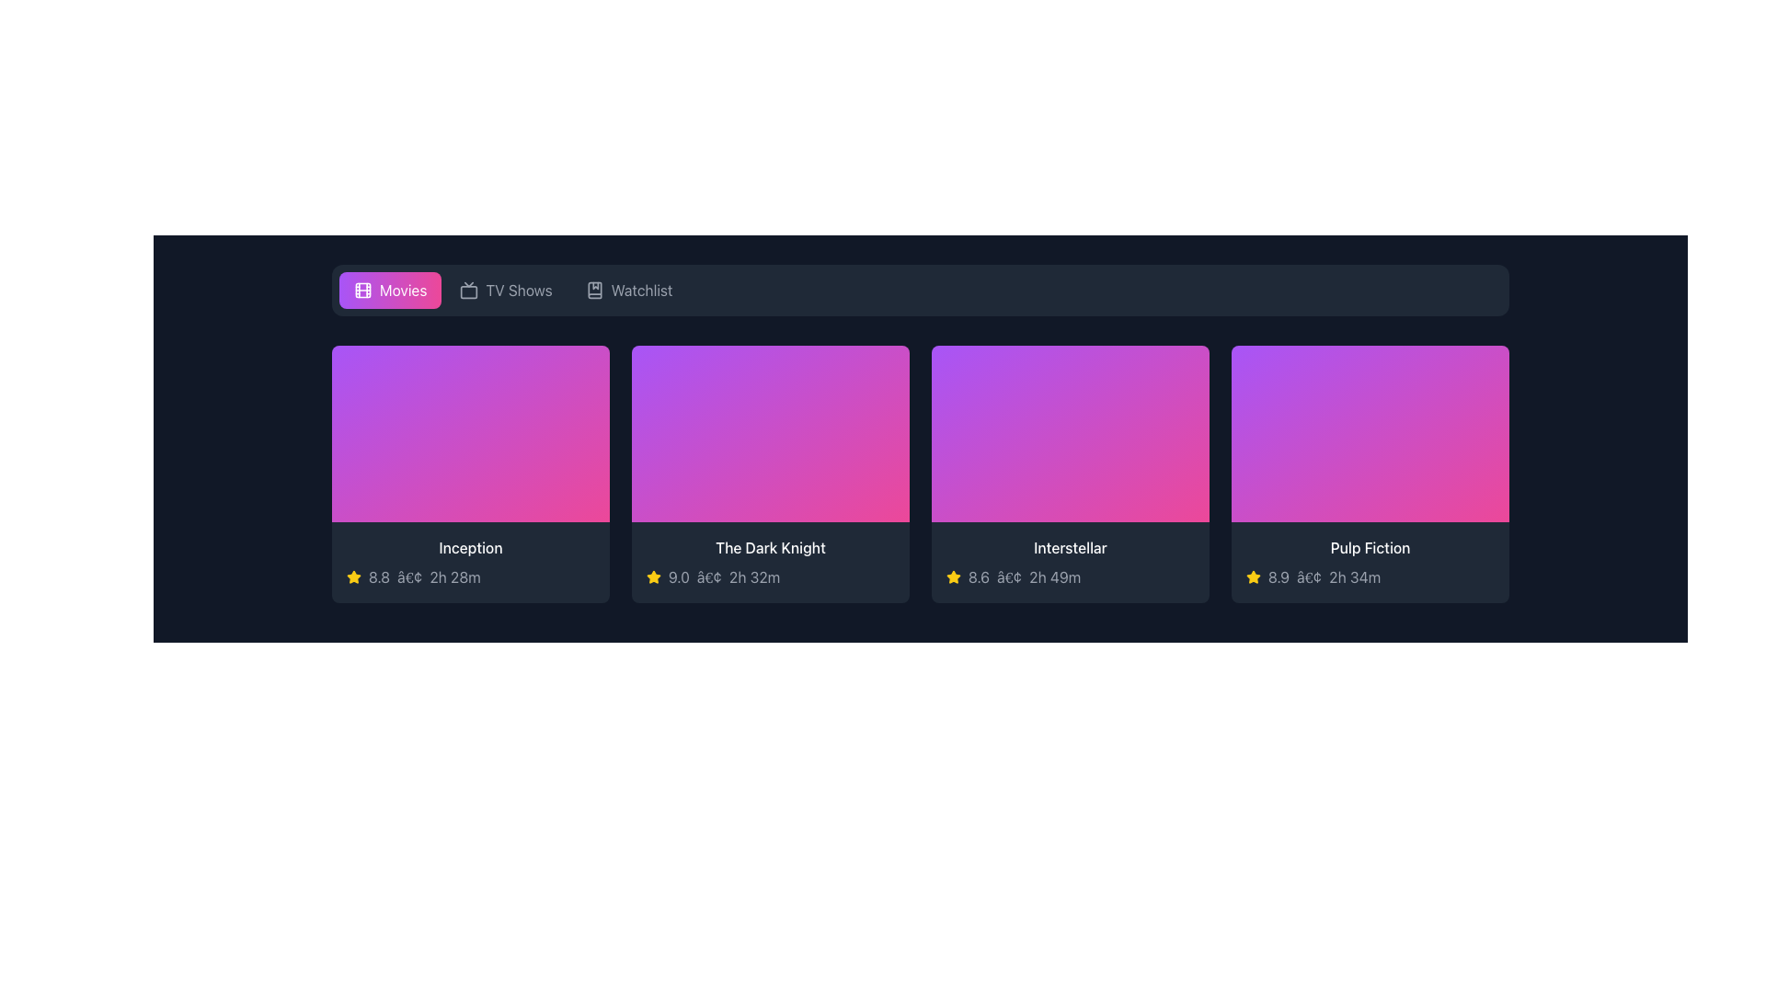 The height and width of the screenshot is (993, 1766). I want to click on the star icon with a yellow fill and stroke outline, which represents the rating system for the movie 'Interstellar', so click(953, 576).